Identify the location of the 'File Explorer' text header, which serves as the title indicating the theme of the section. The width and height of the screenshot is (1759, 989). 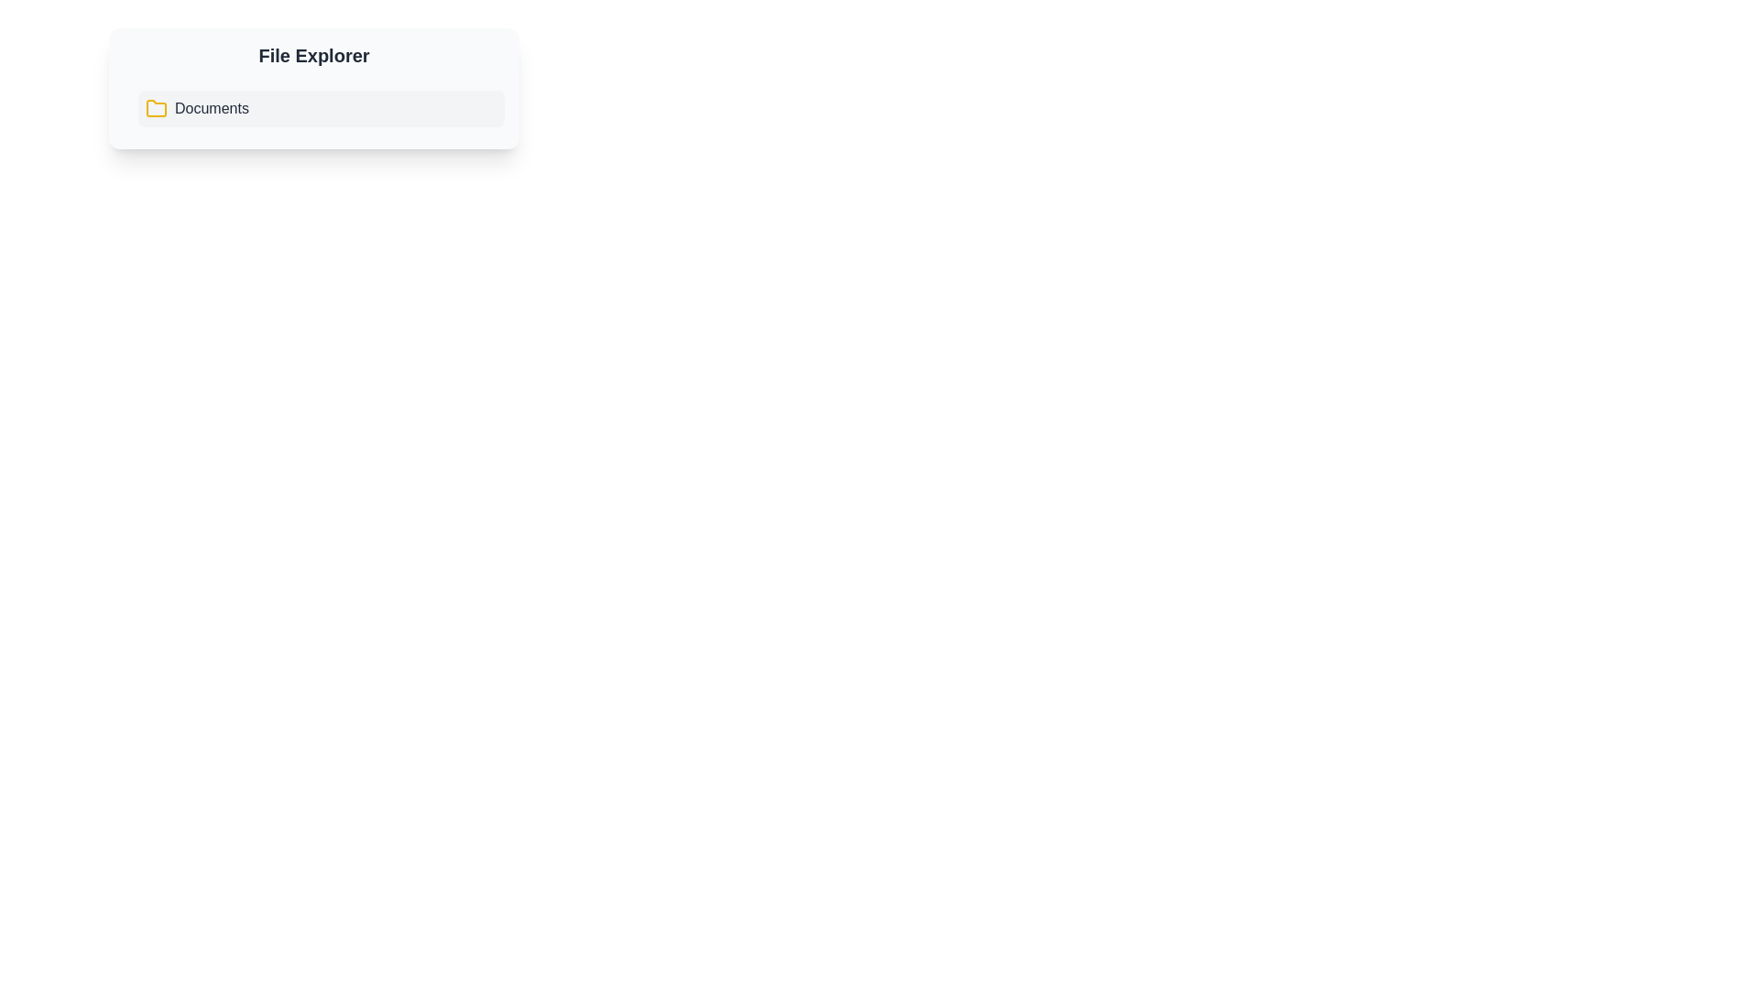
(313, 55).